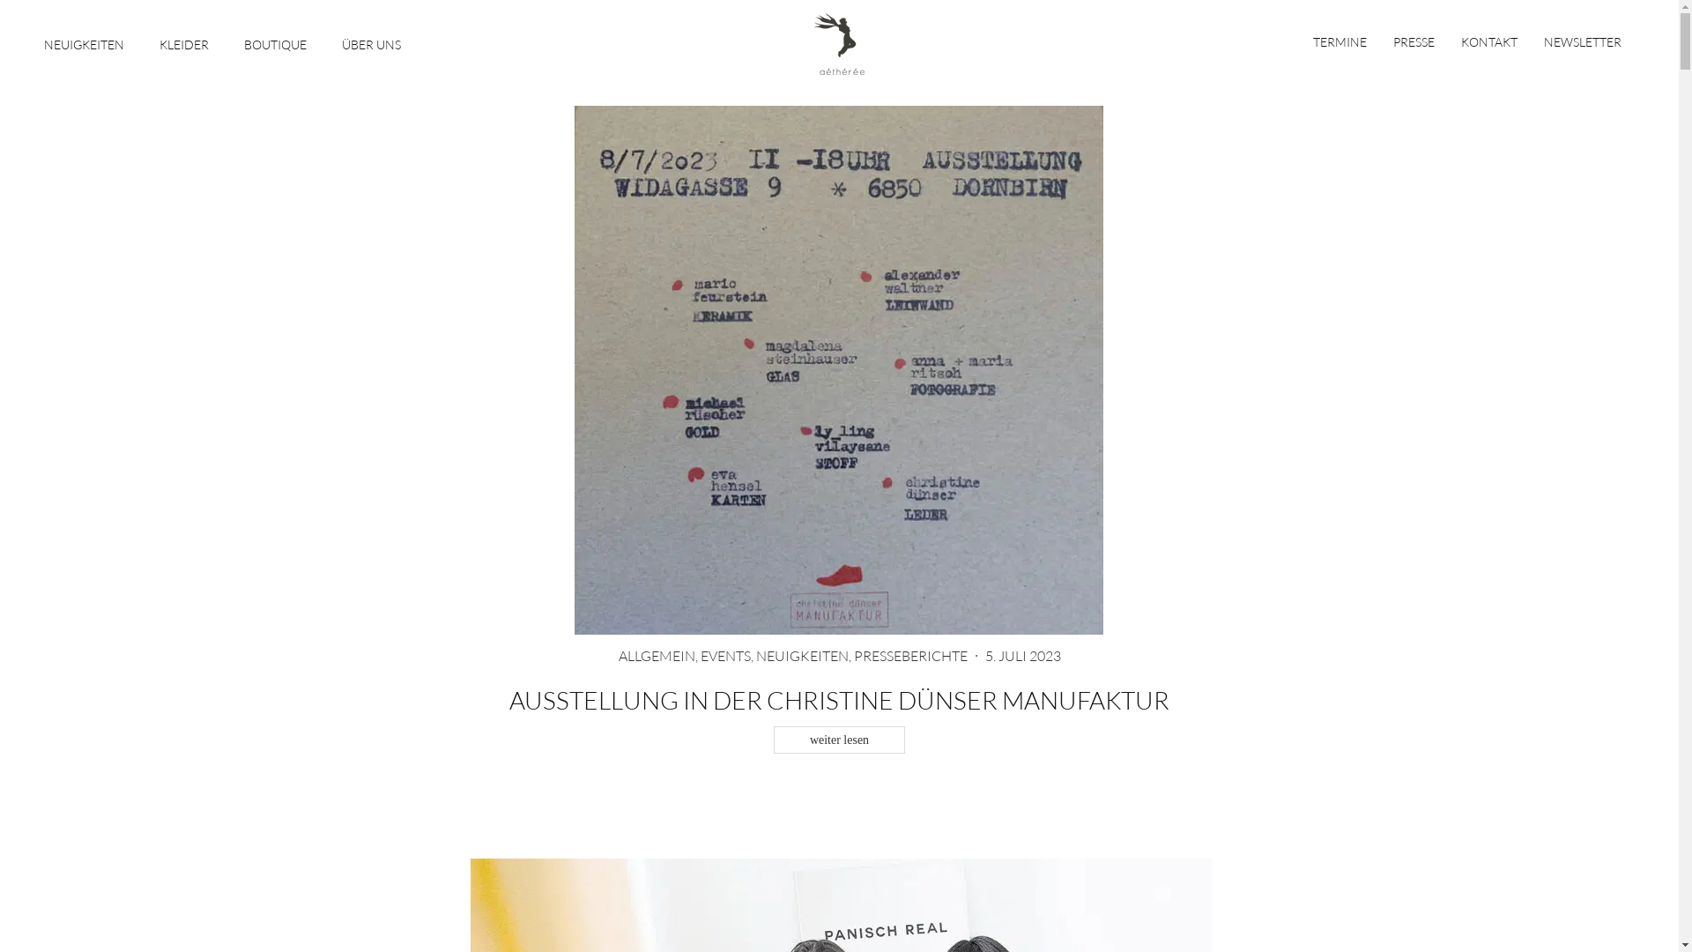 This screenshot has height=952, width=1692. Describe the element at coordinates (801, 656) in the screenshot. I see `'NEUIGKEITEN'` at that location.